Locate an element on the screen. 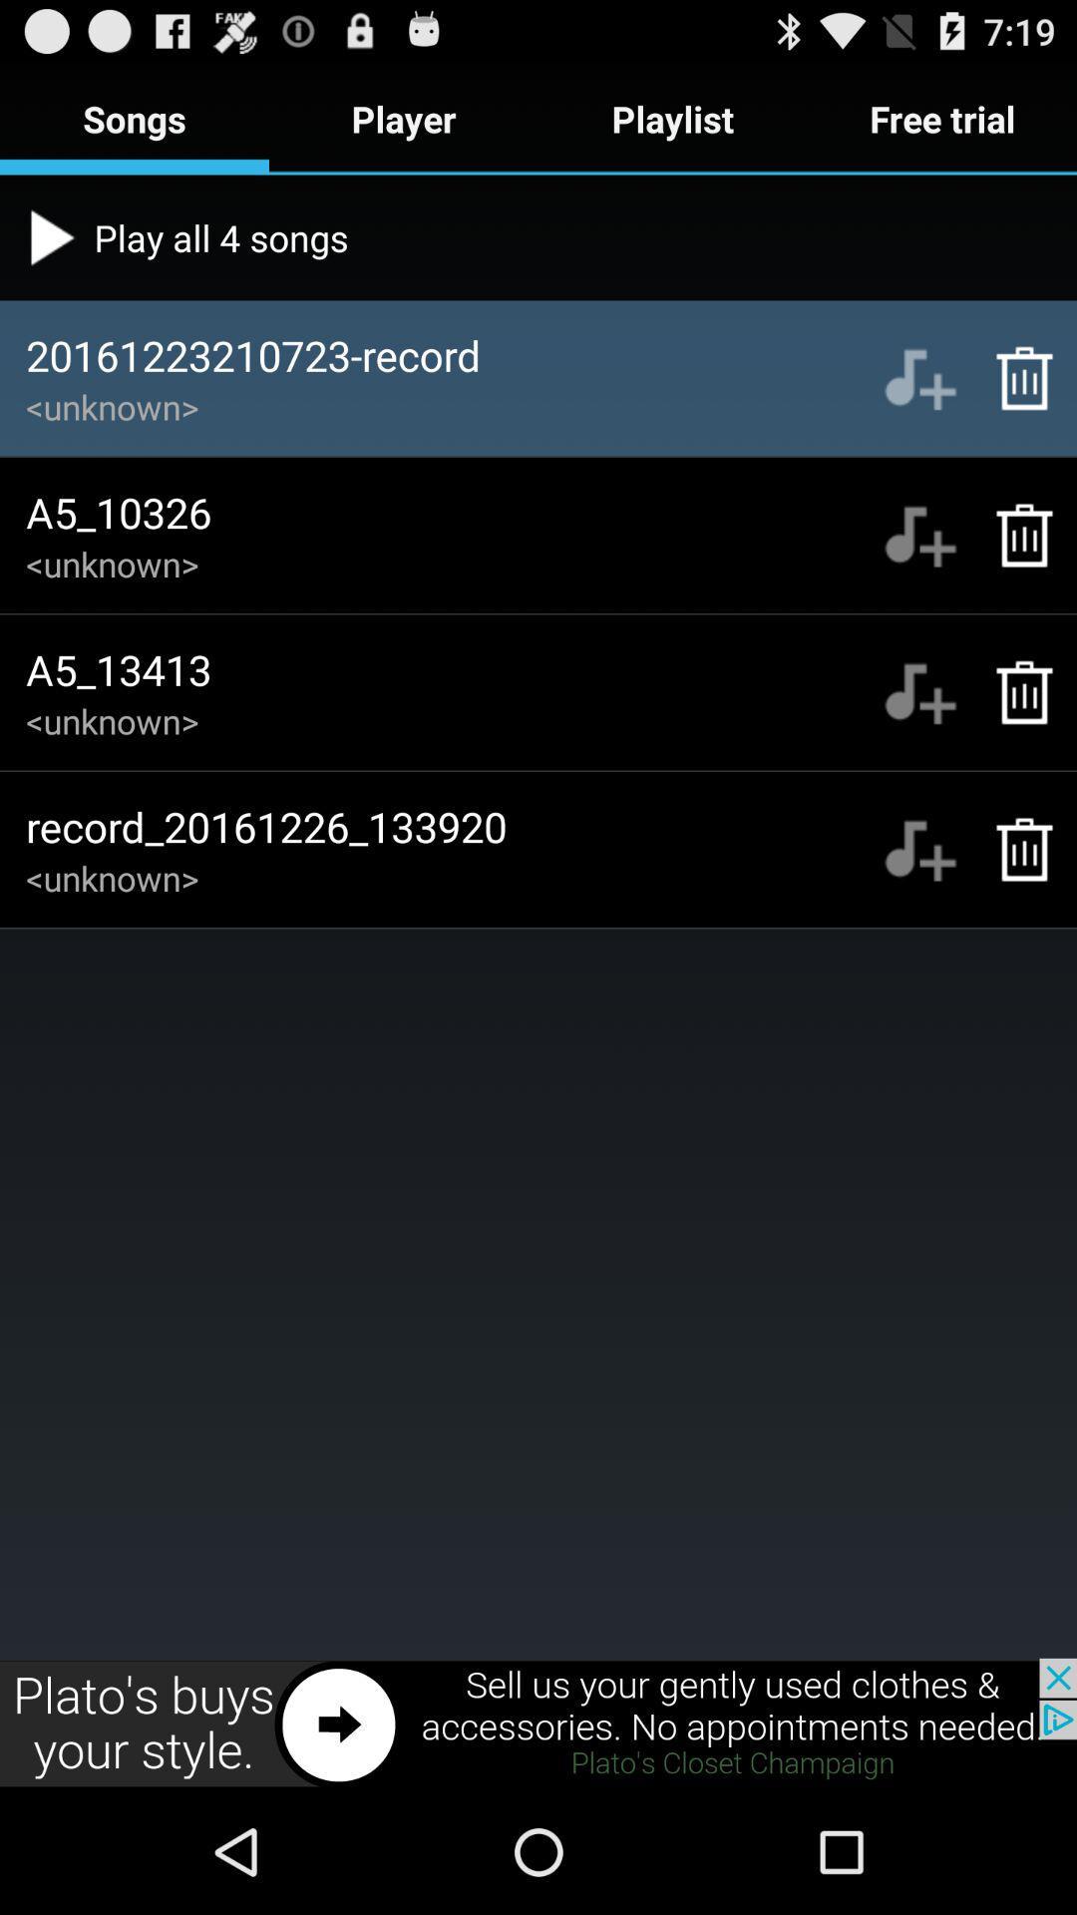 The width and height of the screenshot is (1077, 1915). a5_13413 trash can icon is located at coordinates (1014, 692).